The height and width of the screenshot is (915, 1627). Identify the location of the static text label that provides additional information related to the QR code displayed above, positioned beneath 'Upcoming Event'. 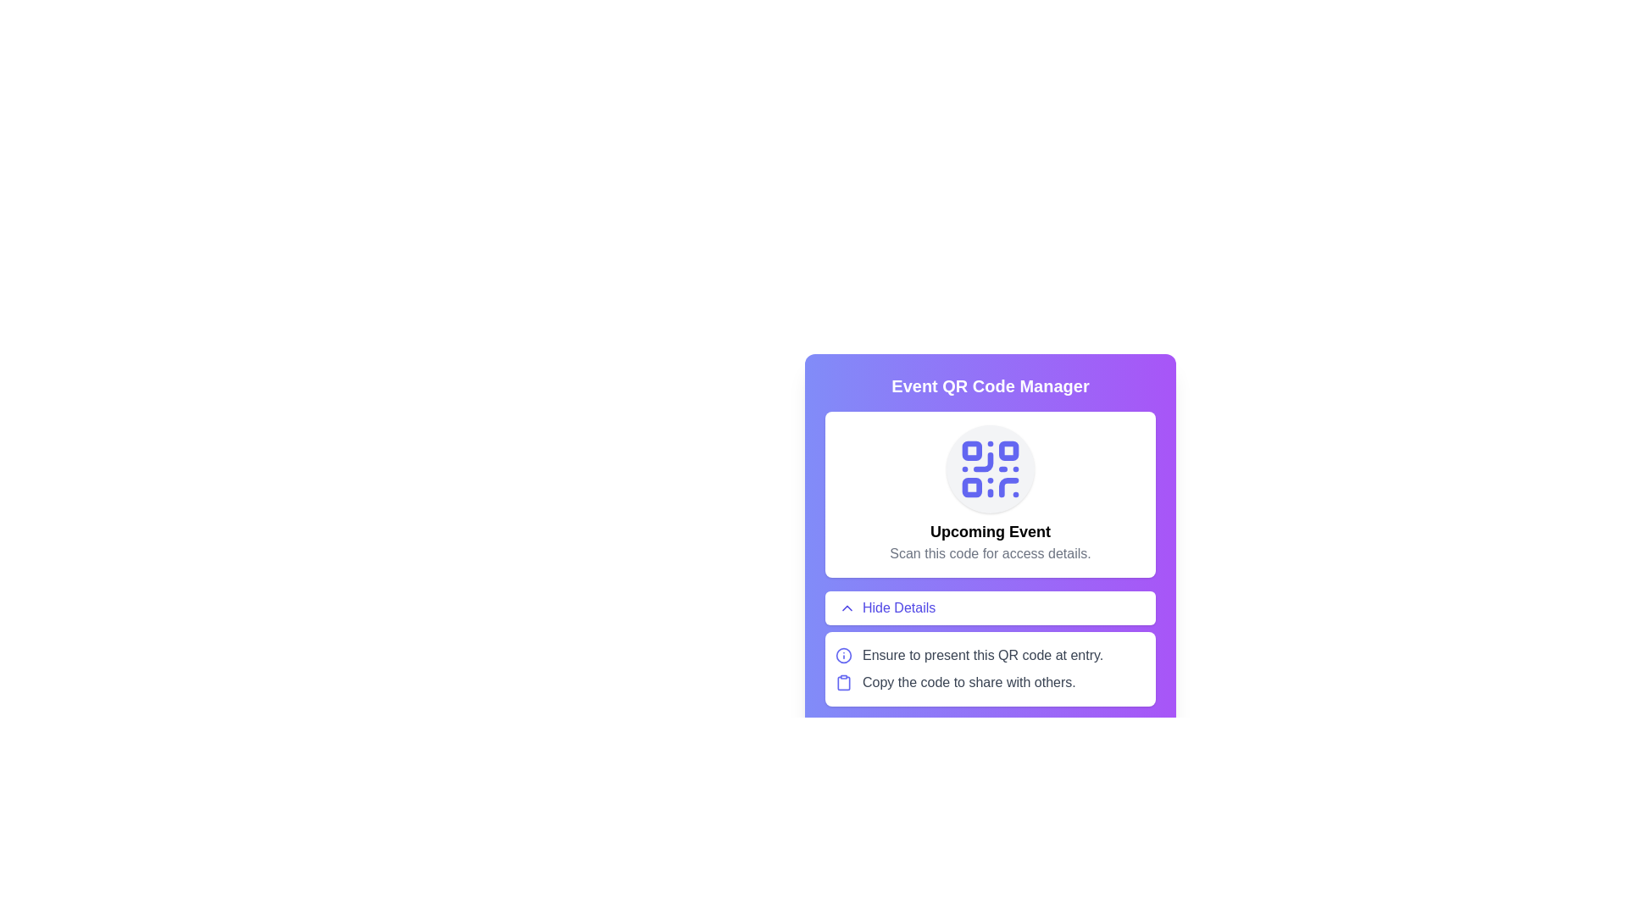
(991, 554).